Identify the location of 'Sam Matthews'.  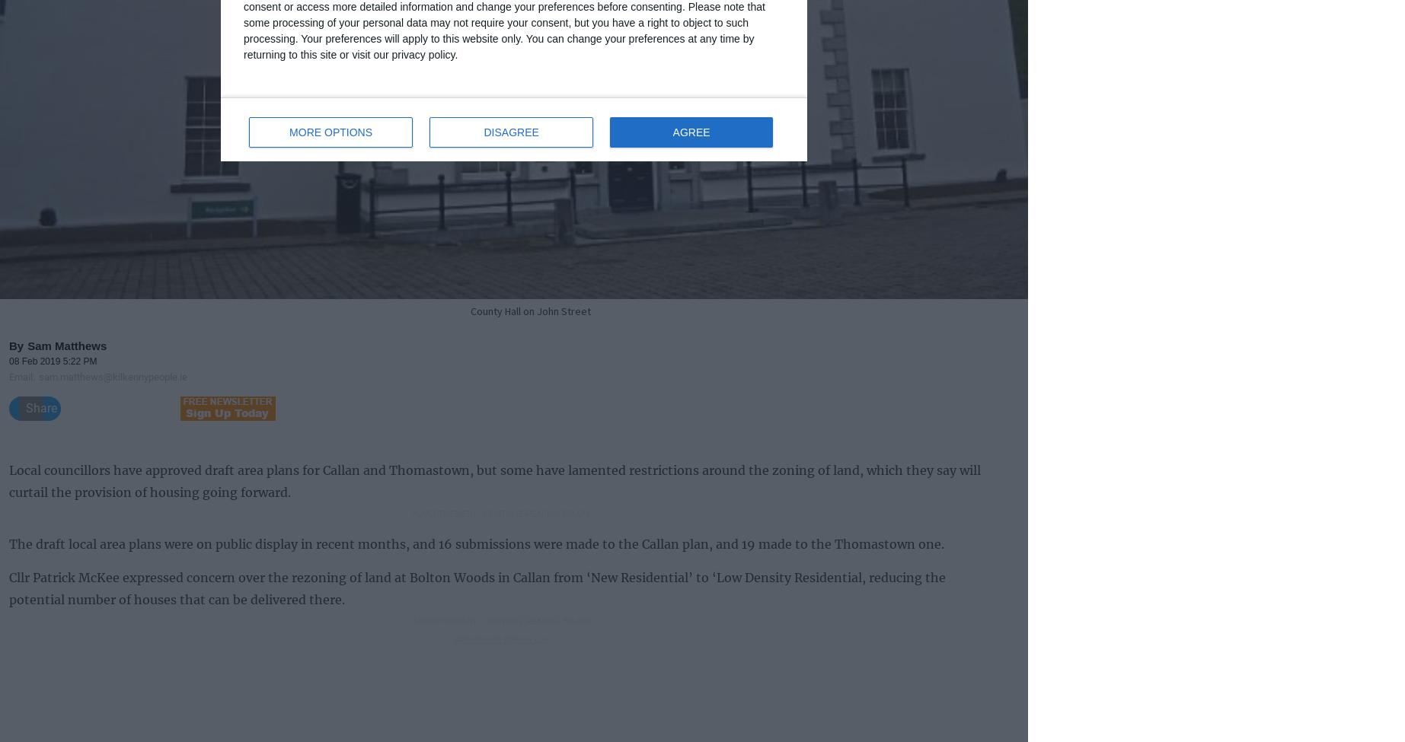
(67, 345).